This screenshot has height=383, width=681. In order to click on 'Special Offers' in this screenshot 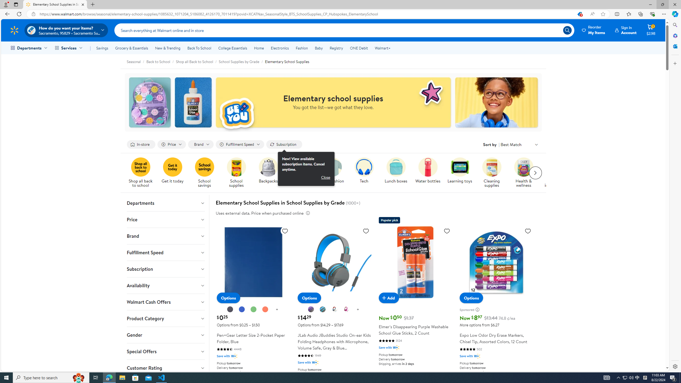, I will do `click(166, 351)`.